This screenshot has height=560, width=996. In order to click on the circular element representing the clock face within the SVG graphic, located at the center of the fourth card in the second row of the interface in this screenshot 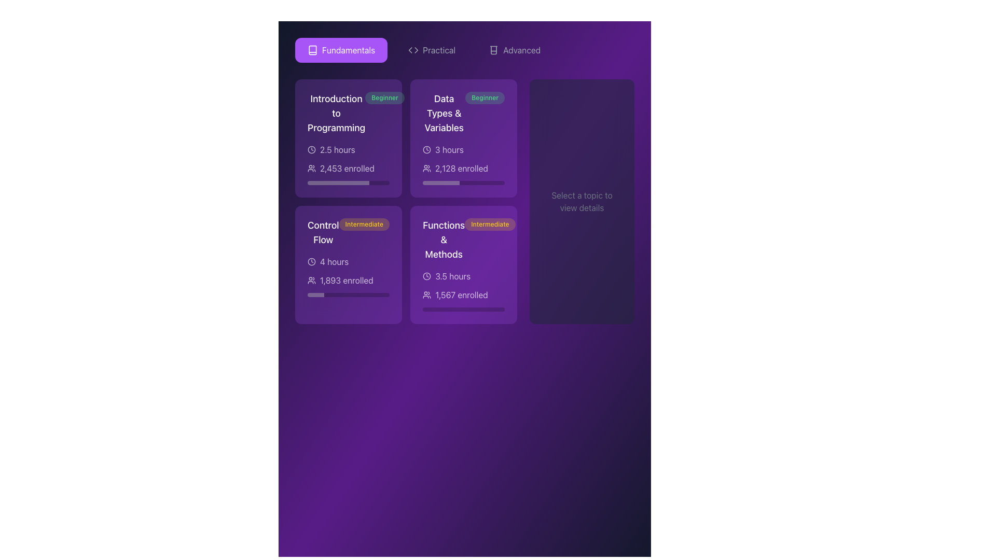, I will do `click(426, 275)`.